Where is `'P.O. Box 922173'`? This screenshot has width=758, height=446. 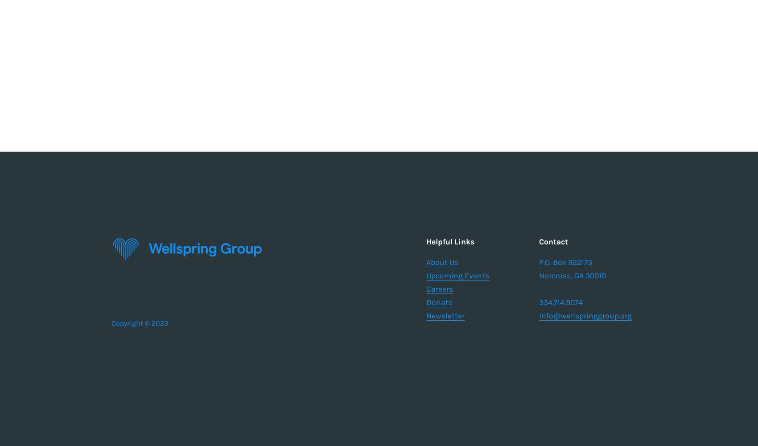
'P.O. Box 922173' is located at coordinates (538, 262).